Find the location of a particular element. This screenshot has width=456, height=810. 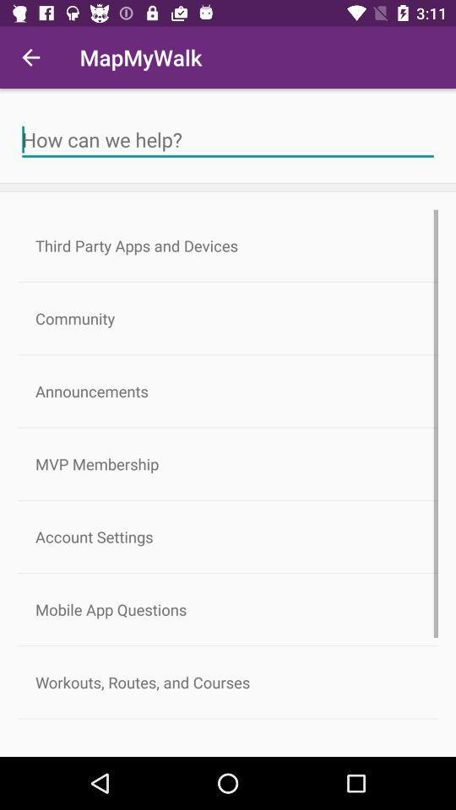

item to the left of the mapmywalk item is located at coordinates (30, 57).